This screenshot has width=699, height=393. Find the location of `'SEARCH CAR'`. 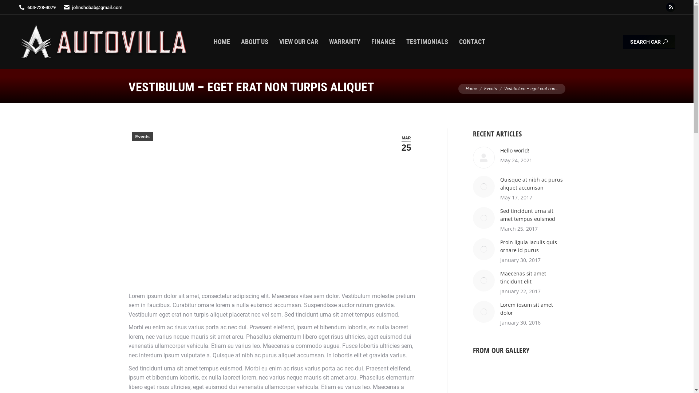

'SEARCH CAR' is located at coordinates (649, 42).